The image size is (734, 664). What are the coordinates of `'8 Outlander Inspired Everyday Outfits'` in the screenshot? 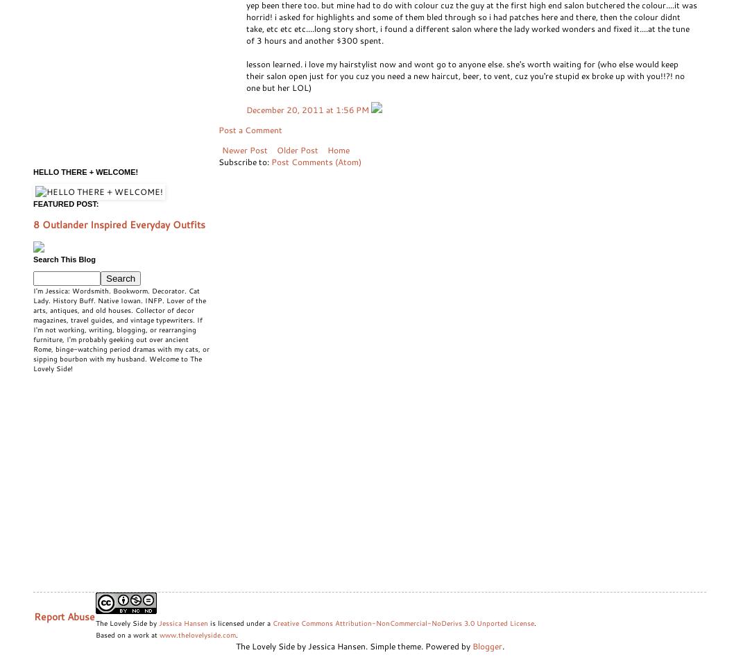 It's located at (33, 225).